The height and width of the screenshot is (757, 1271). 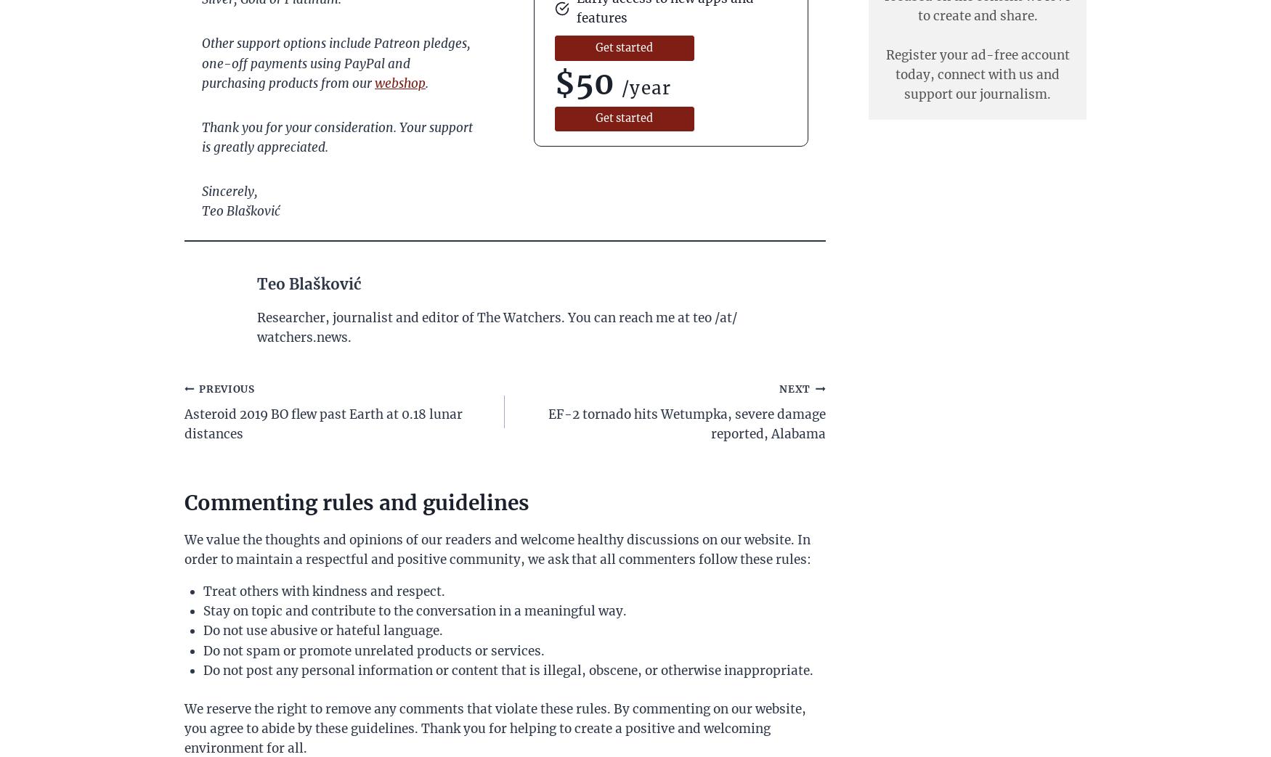 What do you see at coordinates (399, 82) in the screenshot?
I see `'webshop'` at bounding box center [399, 82].